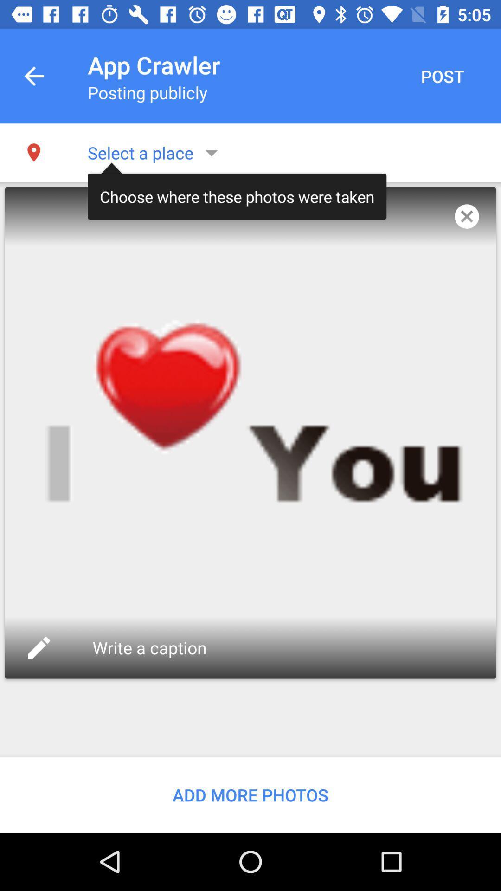 Image resolution: width=501 pixels, height=891 pixels. I want to click on the item to the left of the app crawler app, so click(33, 76).